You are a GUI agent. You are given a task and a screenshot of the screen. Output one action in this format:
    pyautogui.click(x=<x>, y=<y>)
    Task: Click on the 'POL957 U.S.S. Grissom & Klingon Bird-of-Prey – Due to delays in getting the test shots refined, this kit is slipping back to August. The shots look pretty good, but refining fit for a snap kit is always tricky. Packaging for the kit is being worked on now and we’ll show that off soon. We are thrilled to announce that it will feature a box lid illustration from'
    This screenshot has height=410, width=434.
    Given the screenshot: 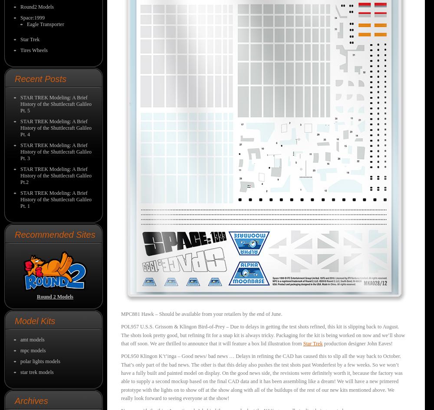 What is the action you would take?
    pyautogui.click(x=263, y=334)
    